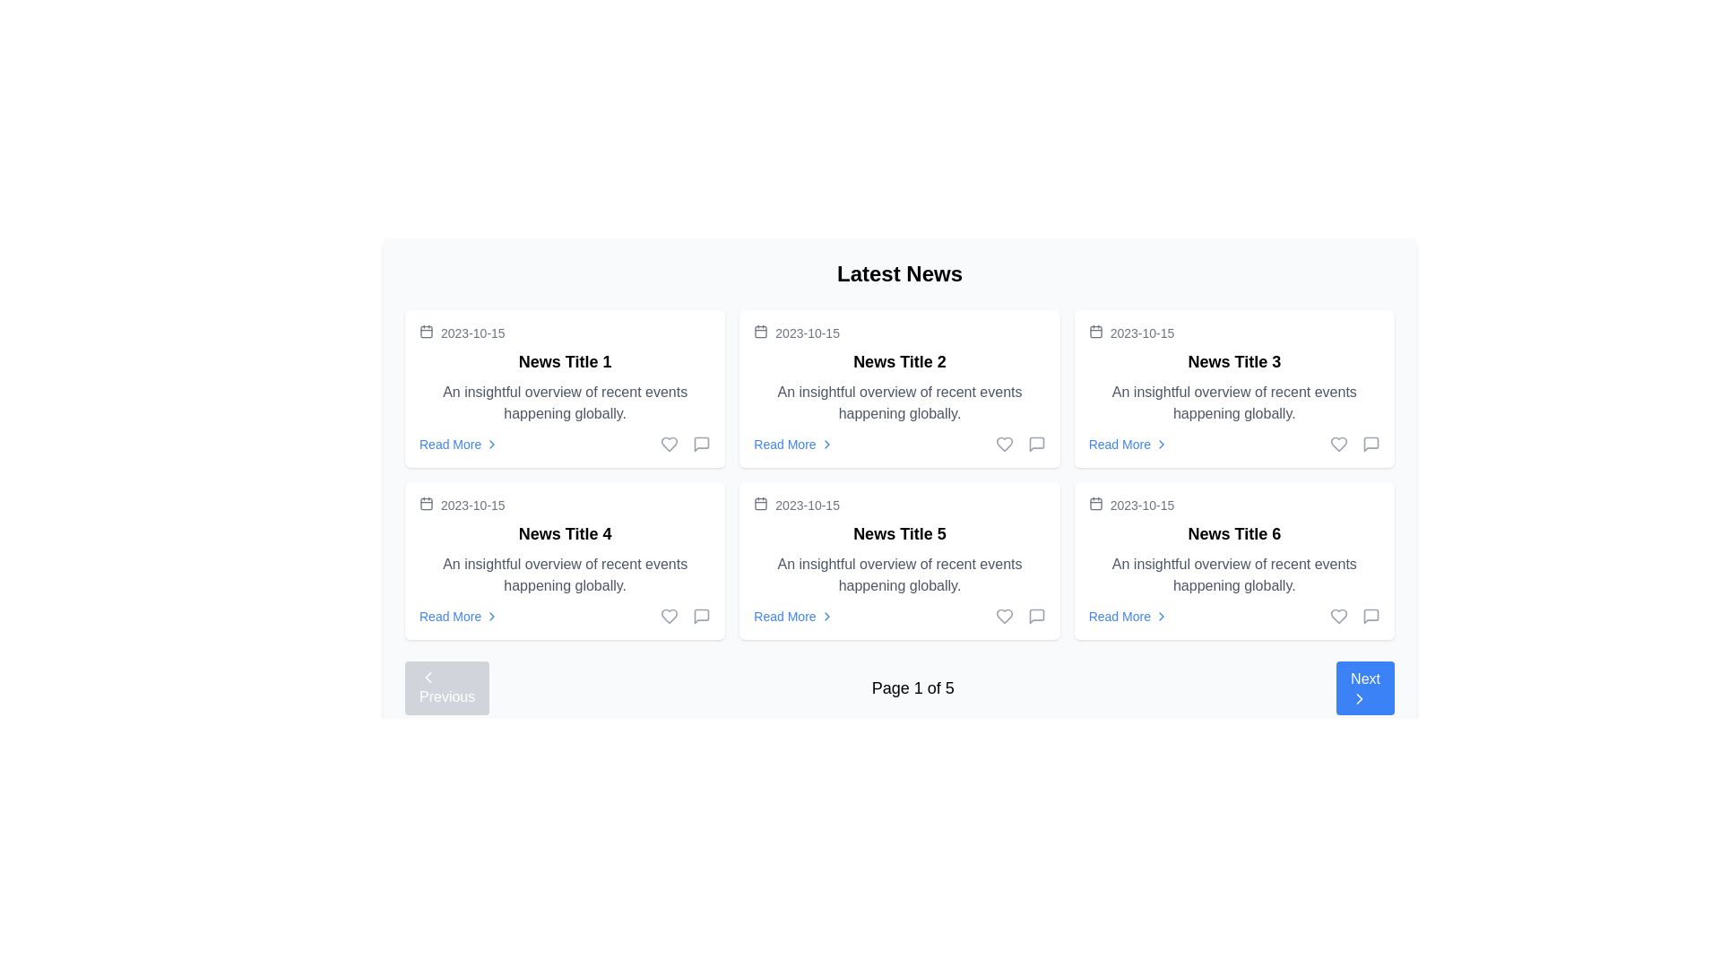 Image resolution: width=1721 pixels, height=968 pixels. Describe the element at coordinates (761, 504) in the screenshot. I see `the calendar icon located to the left of the date text '2023-10-15' in the second row of the Latest News section, specifically within the fifth news card` at that location.